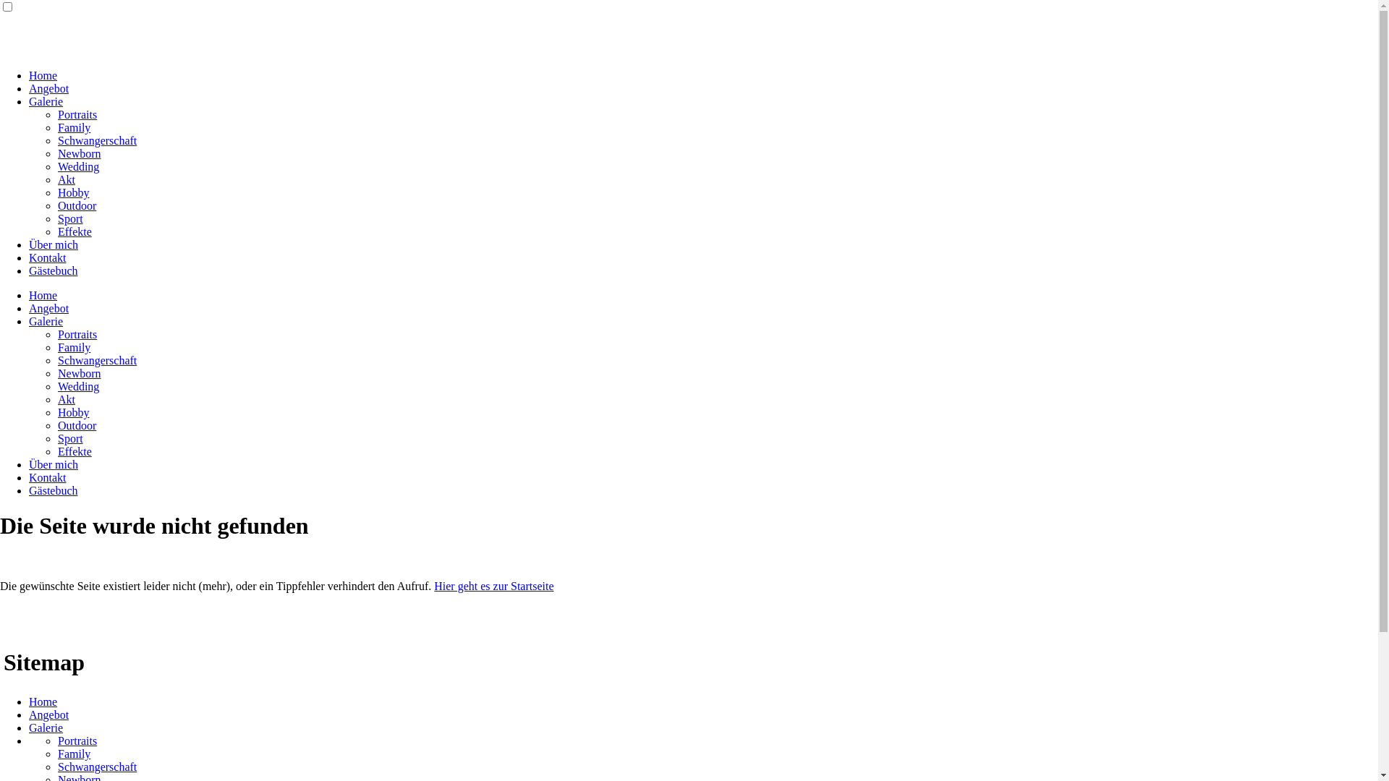 This screenshot has height=781, width=1389. Describe the element at coordinates (73, 347) in the screenshot. I see `'Family'` at that location.